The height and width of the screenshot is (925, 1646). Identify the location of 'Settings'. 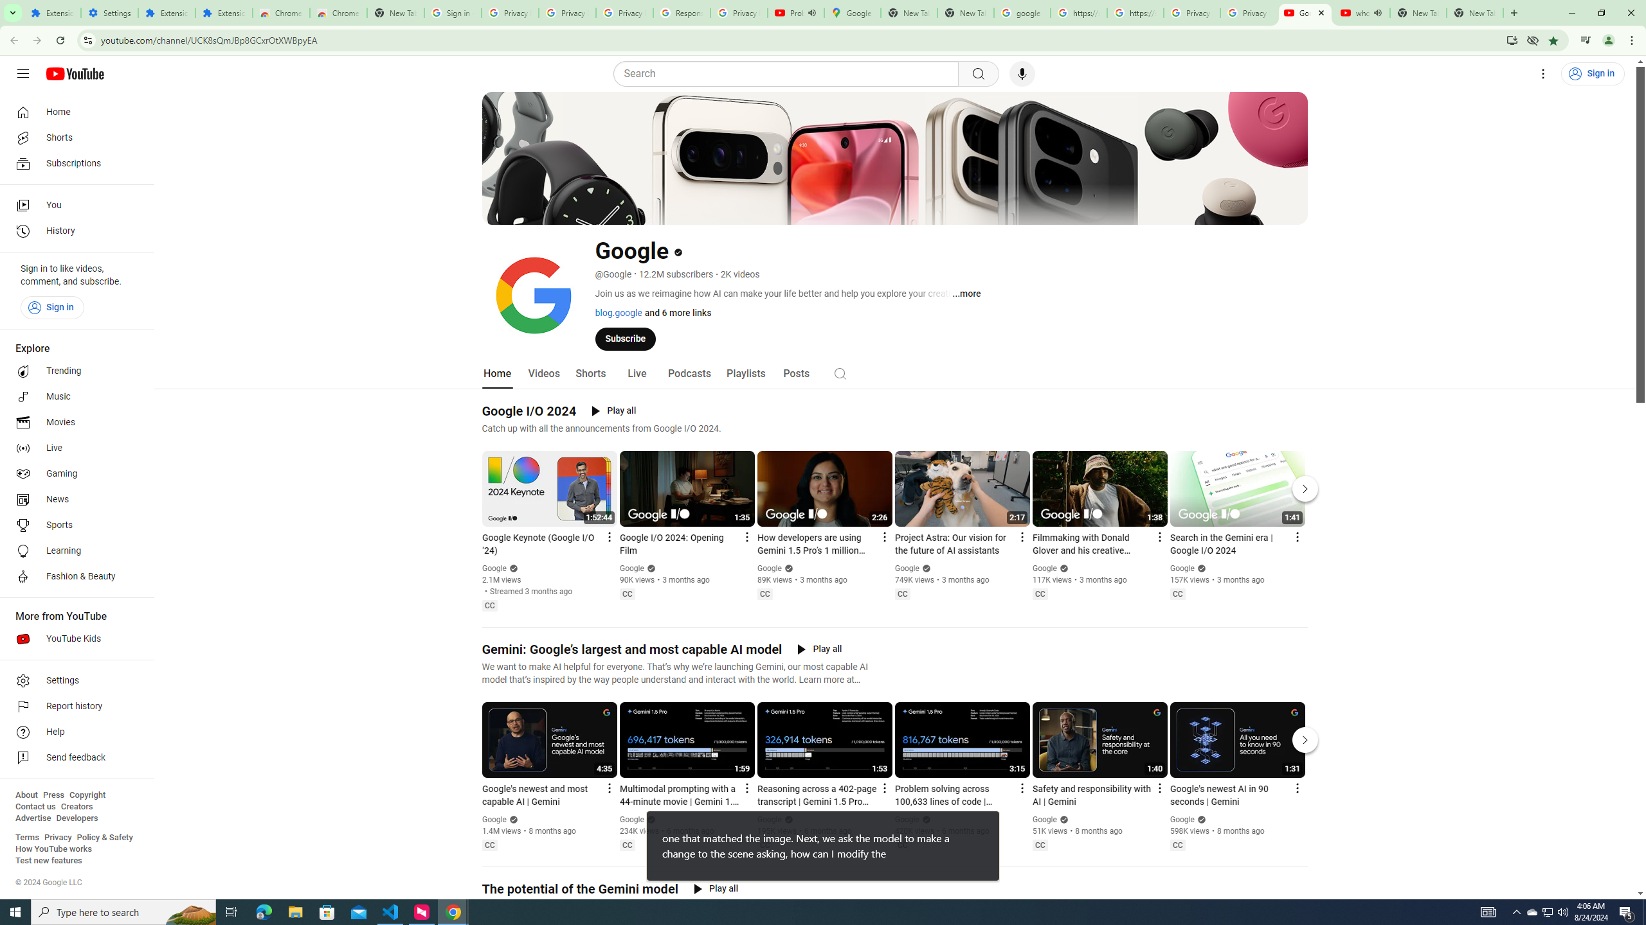
(1544, 73).